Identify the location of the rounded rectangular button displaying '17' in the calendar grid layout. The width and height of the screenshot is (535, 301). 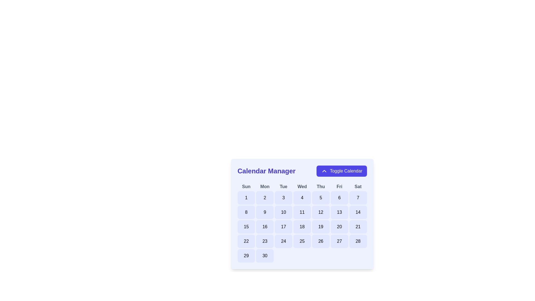
(283, 227).